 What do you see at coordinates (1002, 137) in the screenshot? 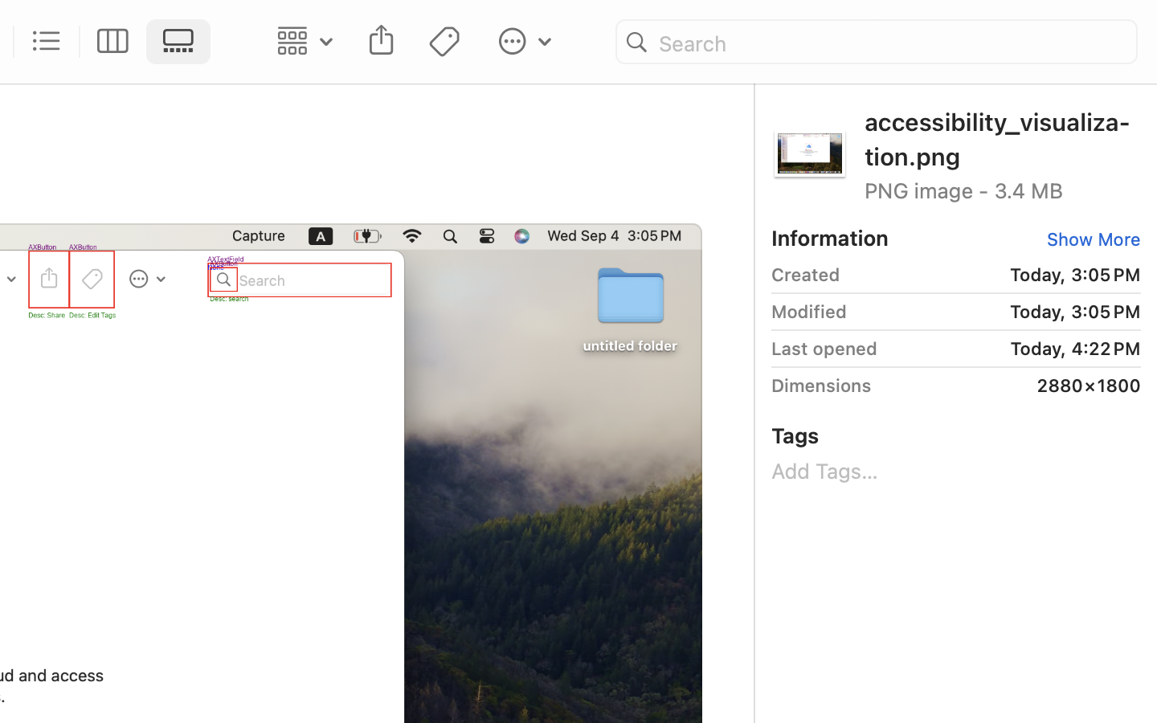
I see `'accessibility_visualization.png'` at bounding box center [1002, 137].